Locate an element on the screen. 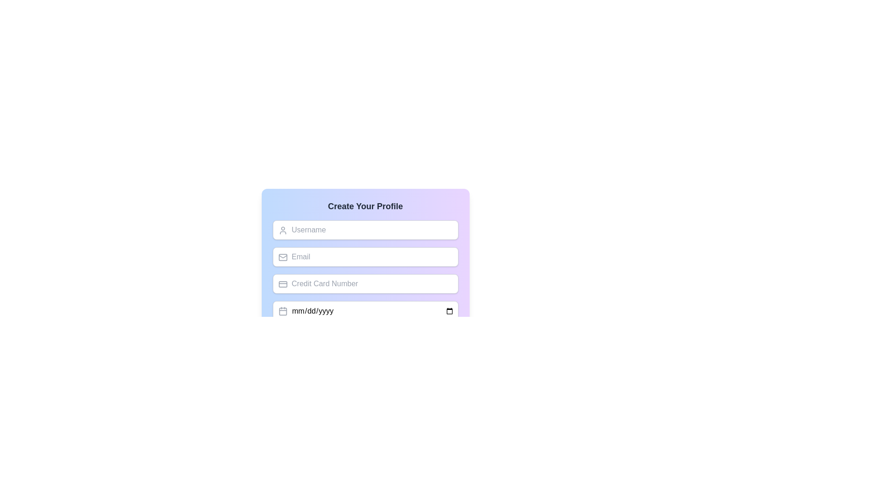 The image size is (891, 501). the decorative rectangular background of the email icon in the profile creation form, which is positioned to the left of the 'Email' input field is located at coordinates (282, 257).